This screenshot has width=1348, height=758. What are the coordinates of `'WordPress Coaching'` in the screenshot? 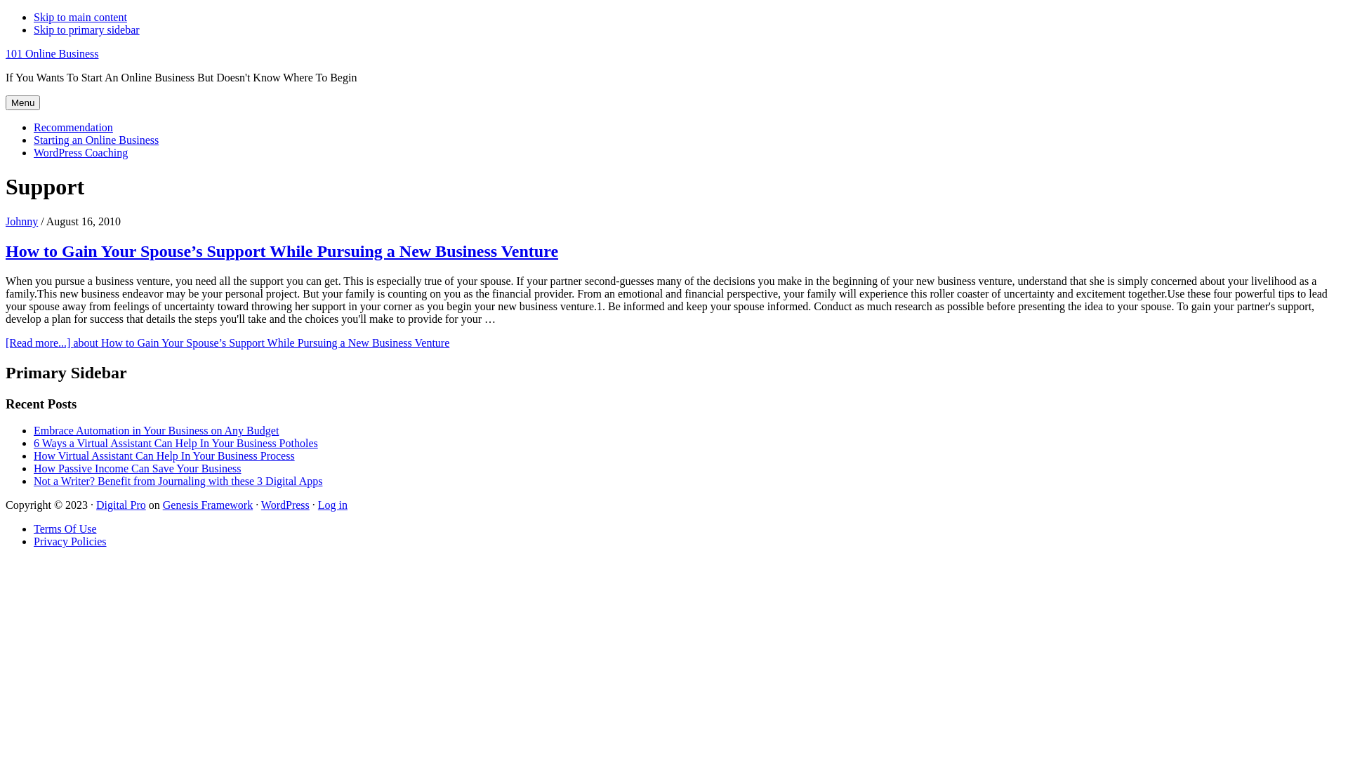 It's located at (80, 152).